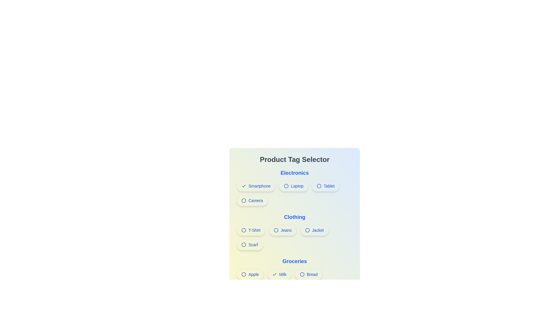 The width and height of the screenshot is (558, 314). What do you see at coordinates (294, 261) in the screenshot?
I see `the 'Groceries' label, which is styled with a bold blue font and serves as a heading for the grocery section` at bounding box center [294, 261].